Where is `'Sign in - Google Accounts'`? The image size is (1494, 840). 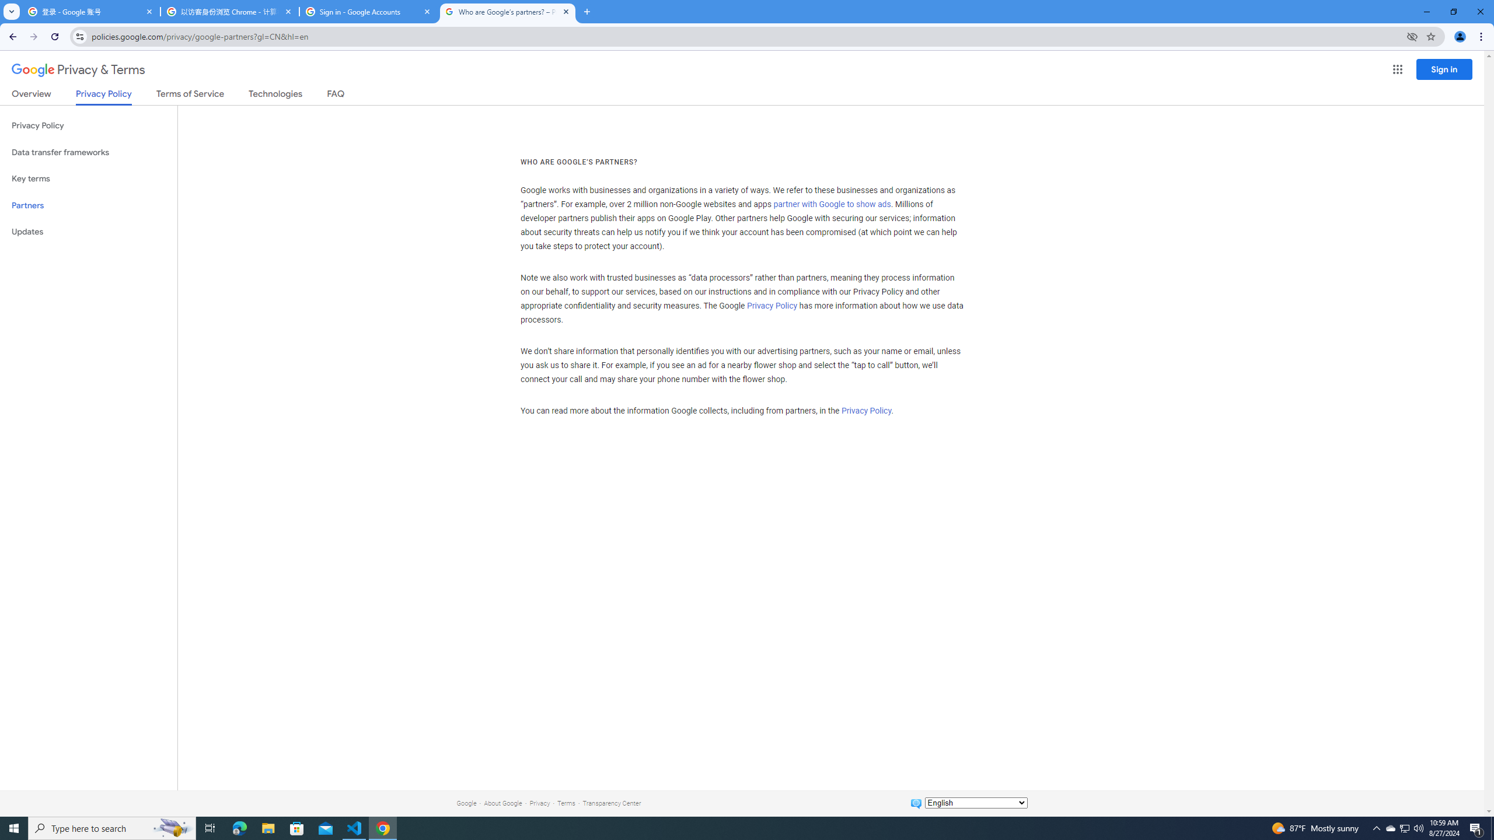
'Sign in - Google Accounts' is located at coordinates (368, 11).